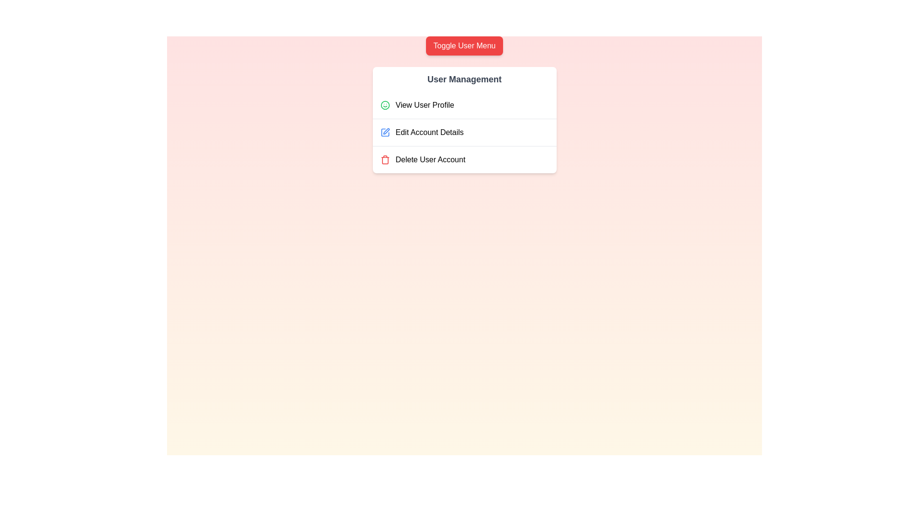 The image size is (919, 517). I want to click on the user action option Delete User Account, so click(464, 159).